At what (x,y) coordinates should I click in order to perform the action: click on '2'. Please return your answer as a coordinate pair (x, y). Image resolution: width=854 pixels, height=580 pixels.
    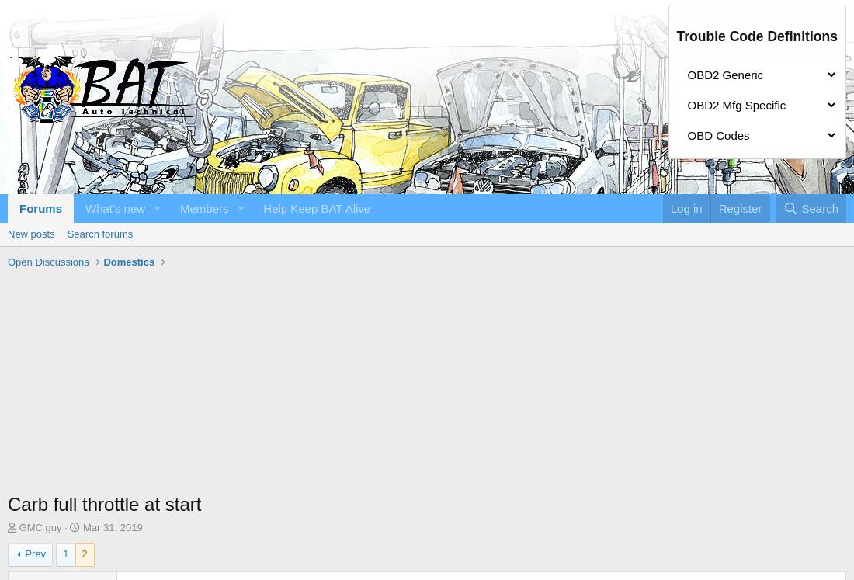
    Looking at the image, I should click on (84, 553).